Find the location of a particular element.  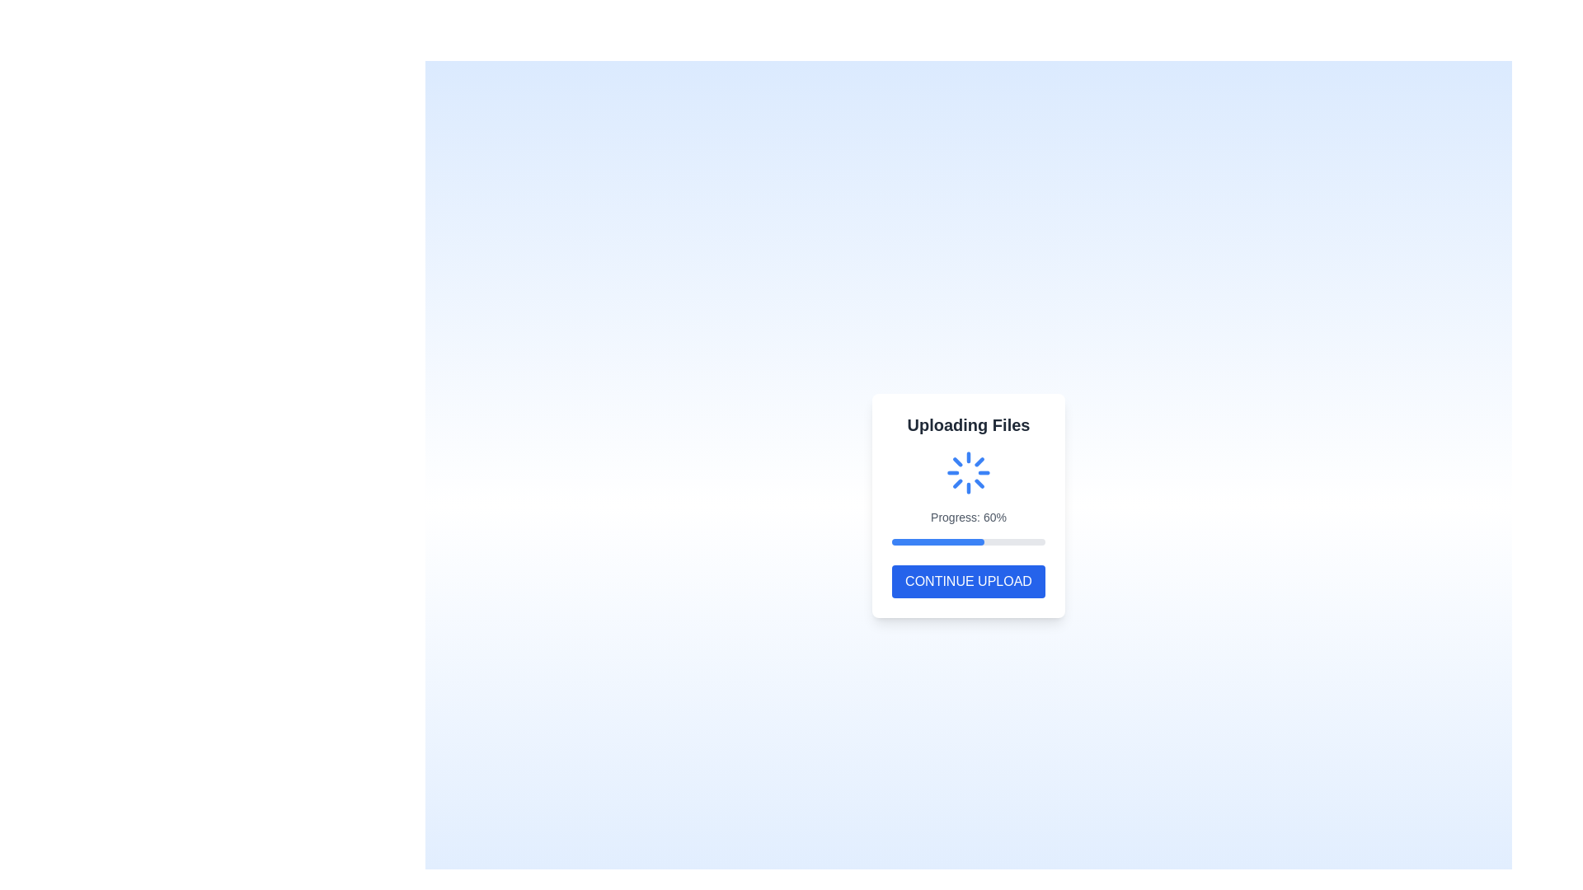

text label that indicates the current progress percentage of the file upload process, located below the spinner animation and following the title 'Uploading Files' is located at coordinates (969, 517).